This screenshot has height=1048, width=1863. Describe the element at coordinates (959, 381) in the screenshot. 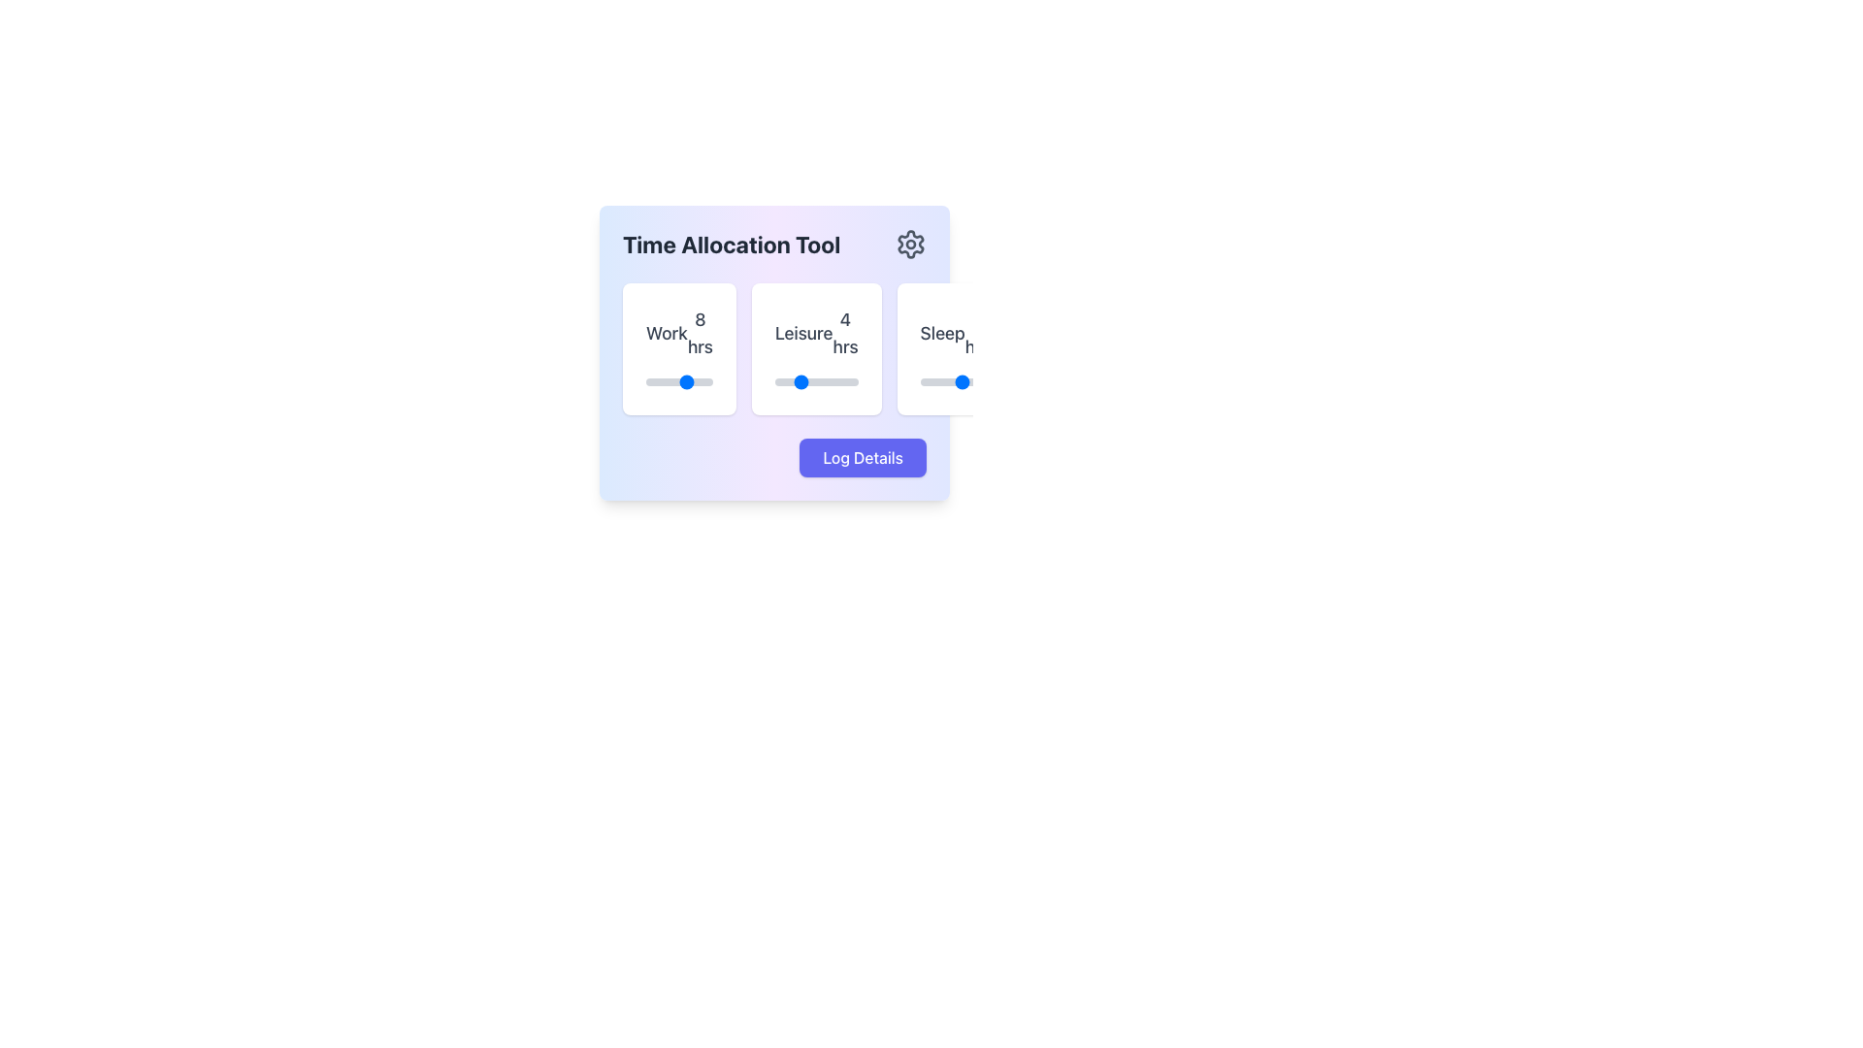

I see `the sleep duration` at that location.